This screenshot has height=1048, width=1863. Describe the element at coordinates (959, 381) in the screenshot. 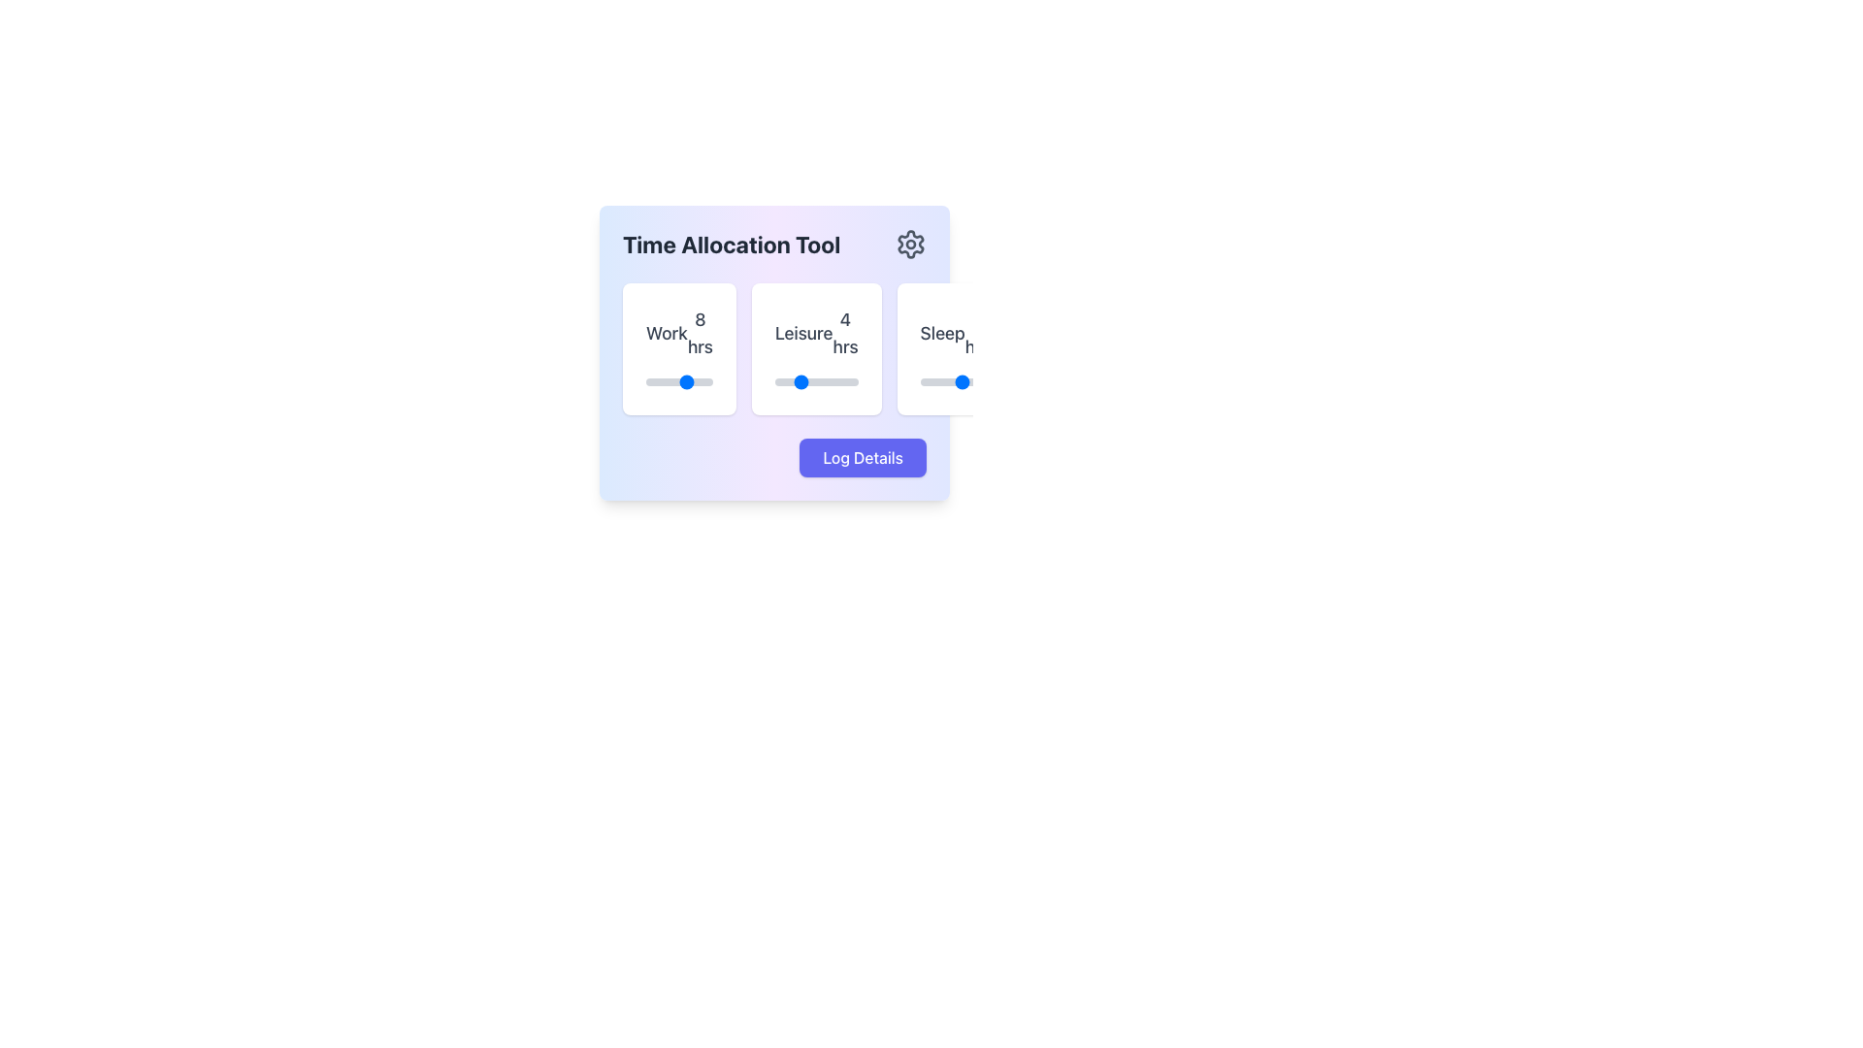

I see `the sleep duration` at that location.